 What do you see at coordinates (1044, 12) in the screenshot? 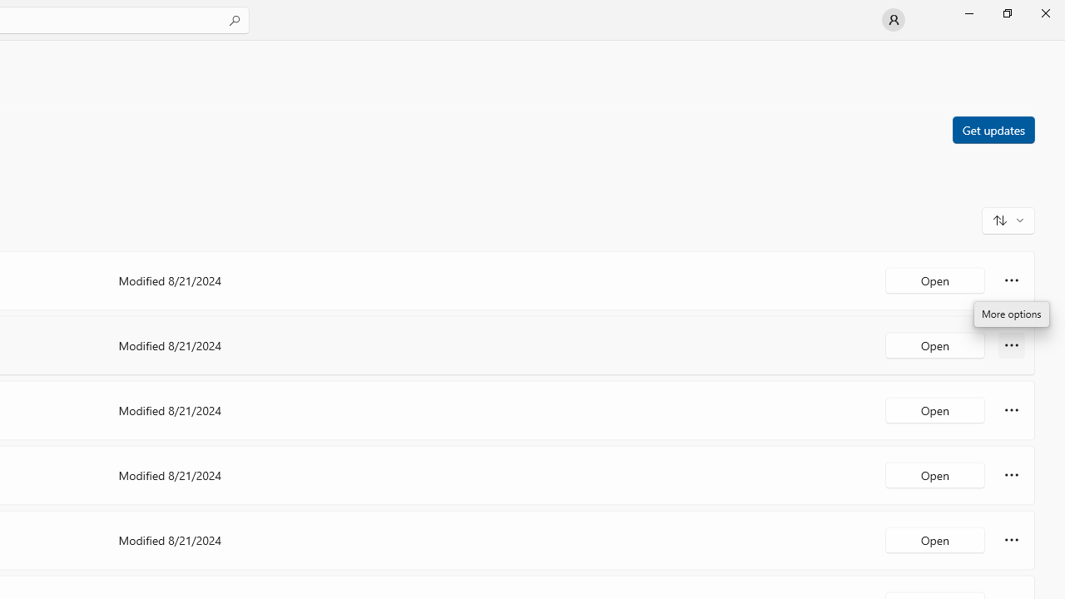
I see `'Close Microsoft Store'` at bounding box center [1044, 12].